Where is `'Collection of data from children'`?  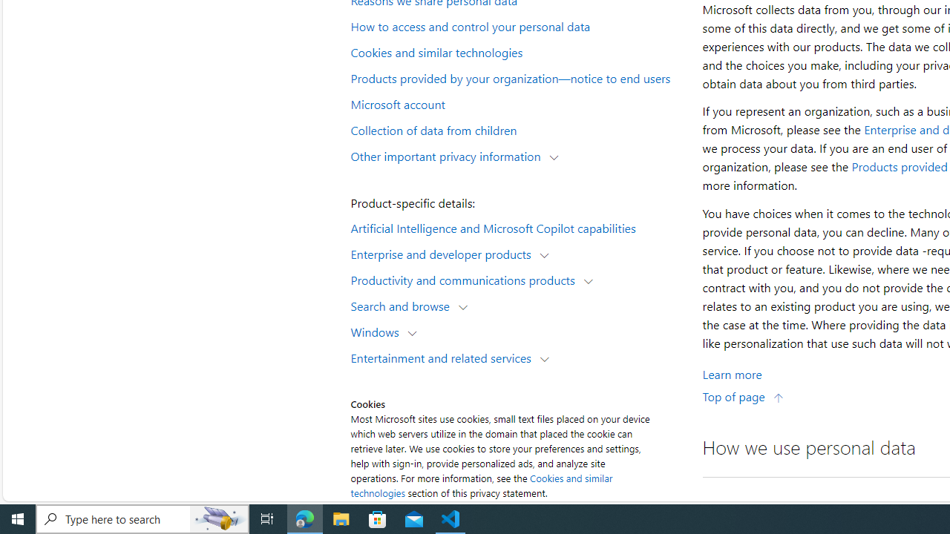 'Collection of data from children' is located at coordinates (517, 128).